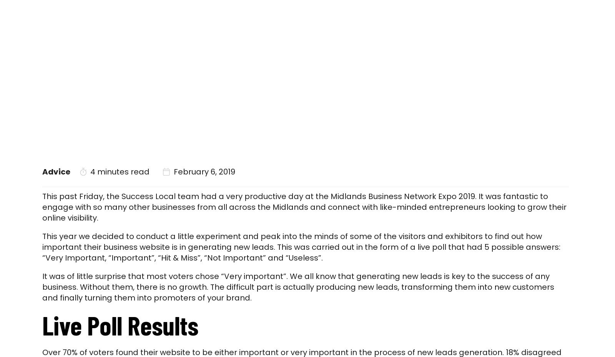 The height and width of the screenshot is (357, 615). Describe the element at coordinates (226, 126) in the screenshot. I see `'Add social media marketing to the mix'` at that location.